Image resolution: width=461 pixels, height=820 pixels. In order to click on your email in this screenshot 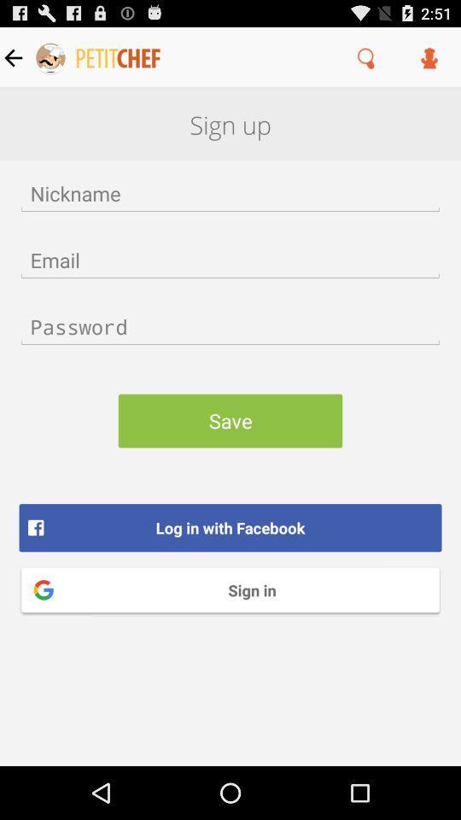, I will do `click(230, 260)`.